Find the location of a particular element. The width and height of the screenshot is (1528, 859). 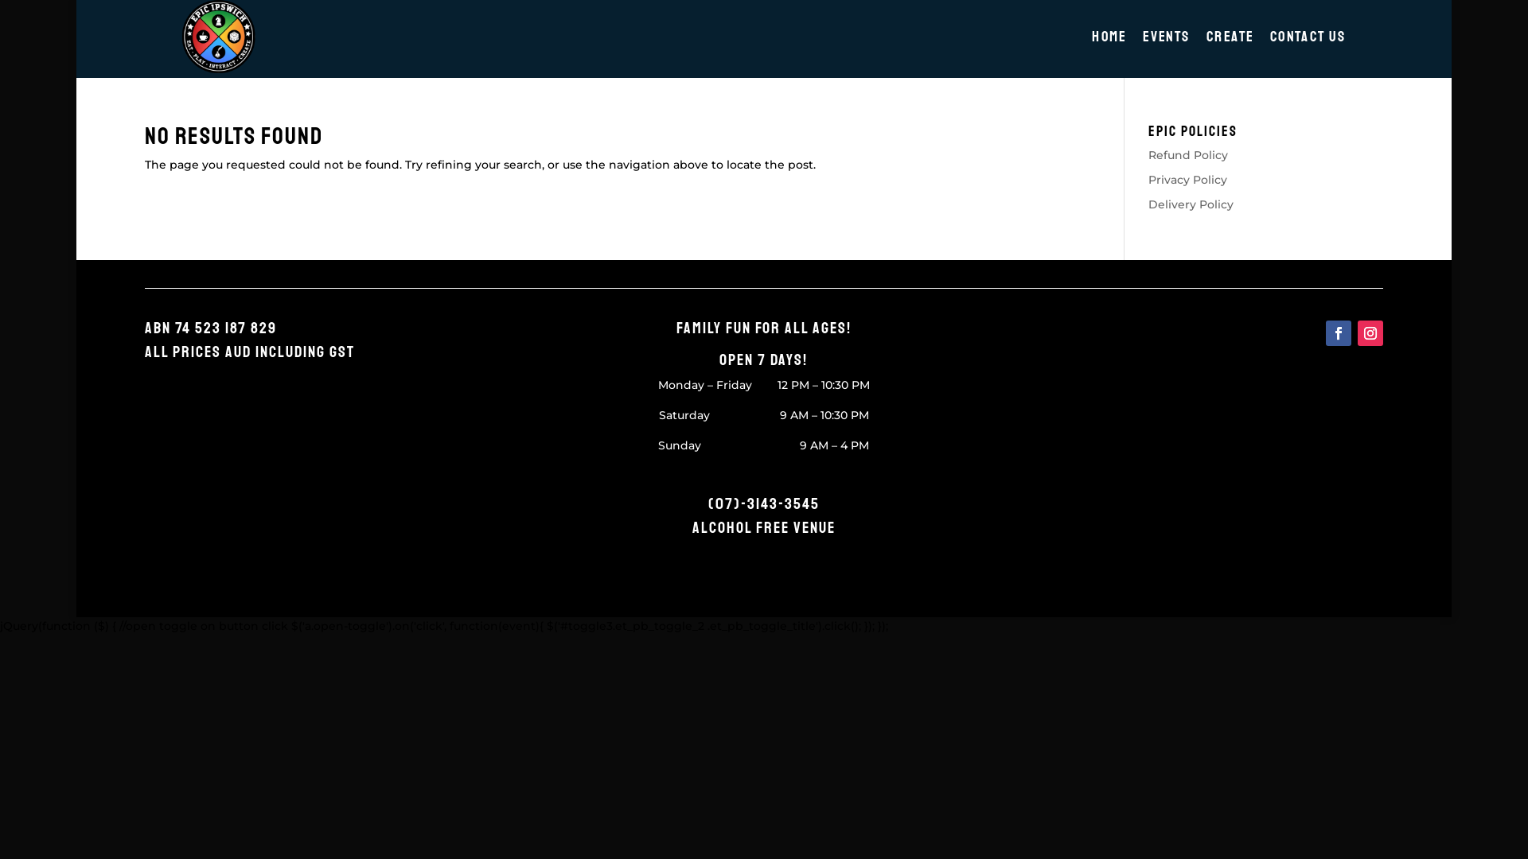

'Privacy Policy' is located at coordinates (1187, 179).